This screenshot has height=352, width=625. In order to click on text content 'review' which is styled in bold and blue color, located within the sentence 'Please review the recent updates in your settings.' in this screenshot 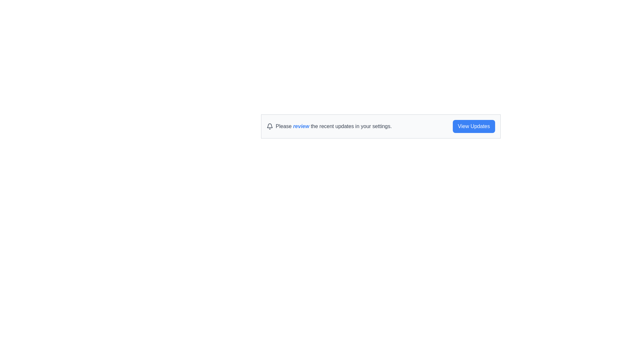, I will do `click(301, 126)`.